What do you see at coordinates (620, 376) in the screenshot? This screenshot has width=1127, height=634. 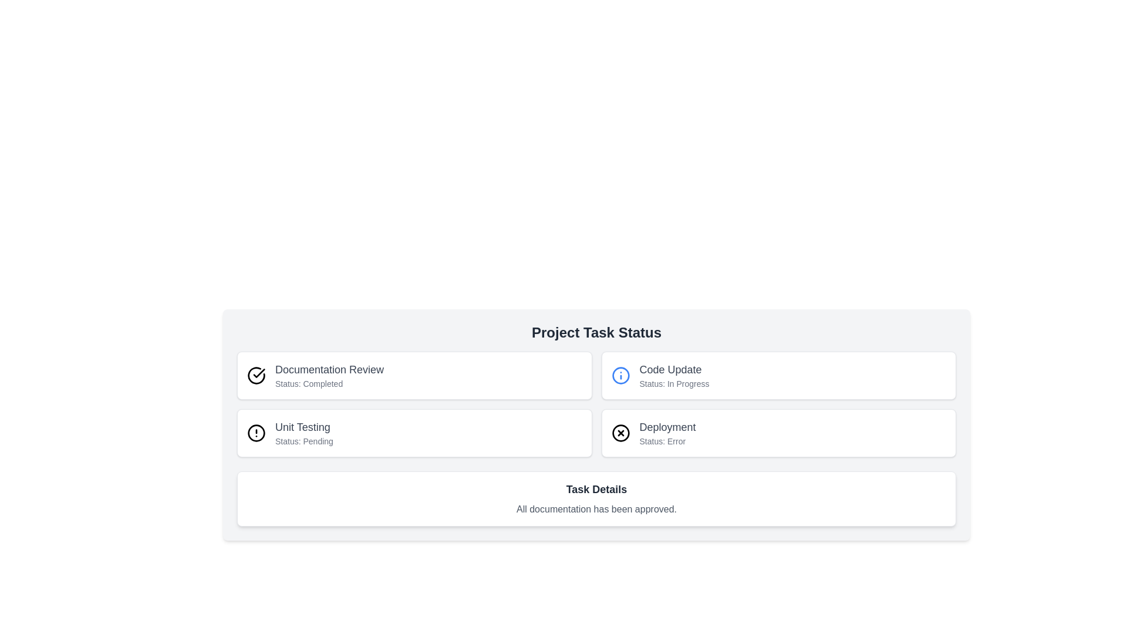 I see `the icon representing additional information about the 'Code Update' status, located` at bounding box center [620, 376].